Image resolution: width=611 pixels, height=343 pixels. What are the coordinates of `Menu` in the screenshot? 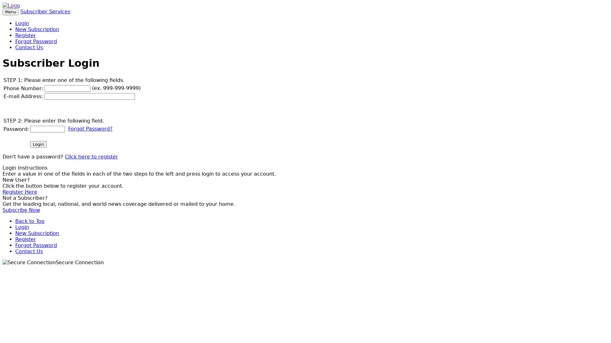 It's located at (11, 12).